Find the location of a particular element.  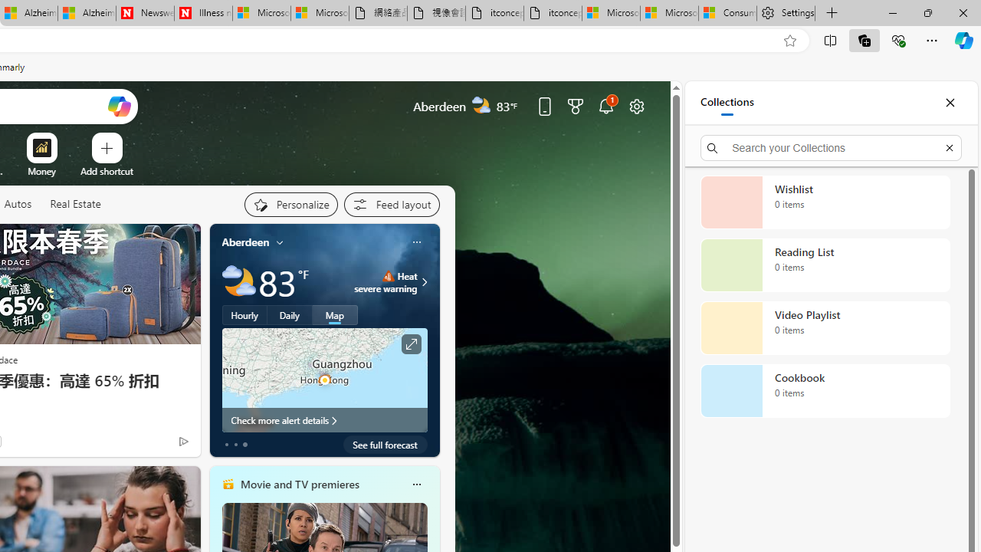

'Heat - Severe' is located at coordinates (388, 276).